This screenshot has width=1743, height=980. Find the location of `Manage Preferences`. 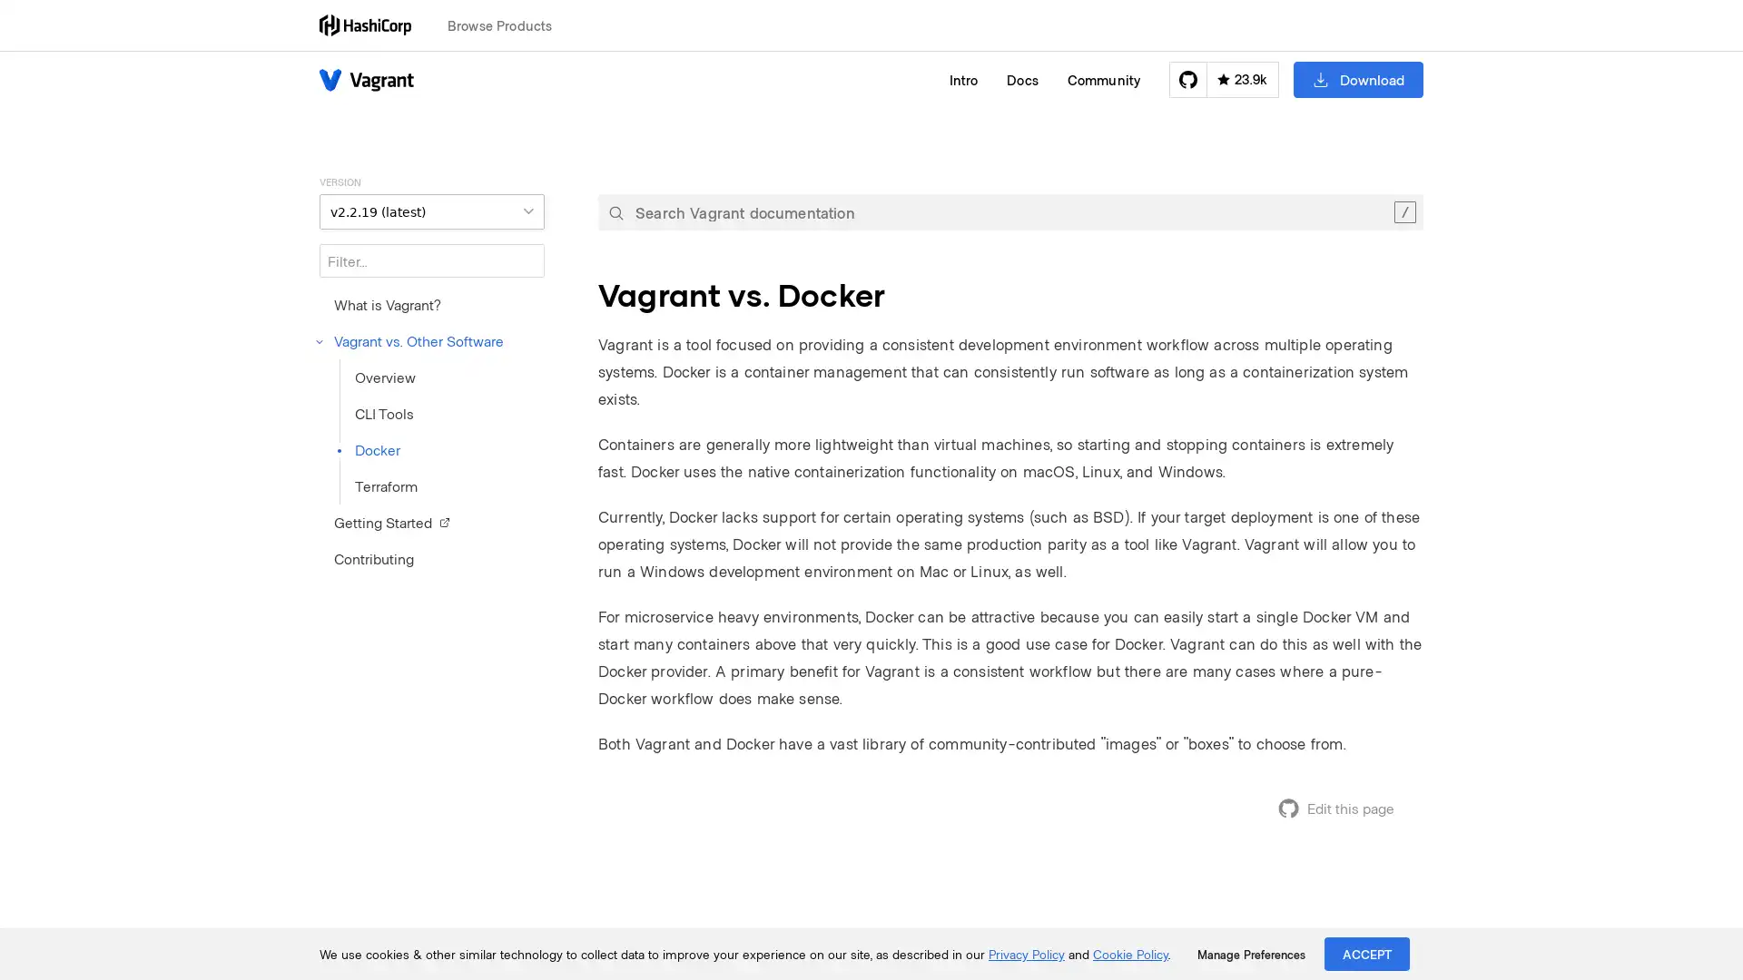

Manage Preferences is located at coordinates (1250, 954).